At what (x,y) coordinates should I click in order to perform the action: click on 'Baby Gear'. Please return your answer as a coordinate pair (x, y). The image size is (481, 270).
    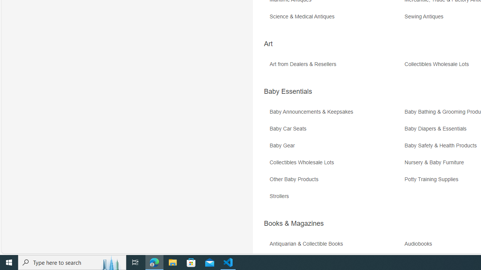
    Looking at the image, I should click on (336, 148).